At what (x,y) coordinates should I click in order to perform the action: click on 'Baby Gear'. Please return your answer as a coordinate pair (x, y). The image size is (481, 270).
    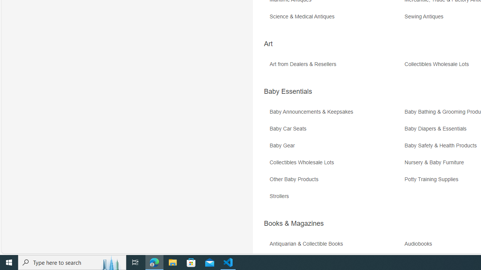
    Looking at the image, I should click on (336, 148).